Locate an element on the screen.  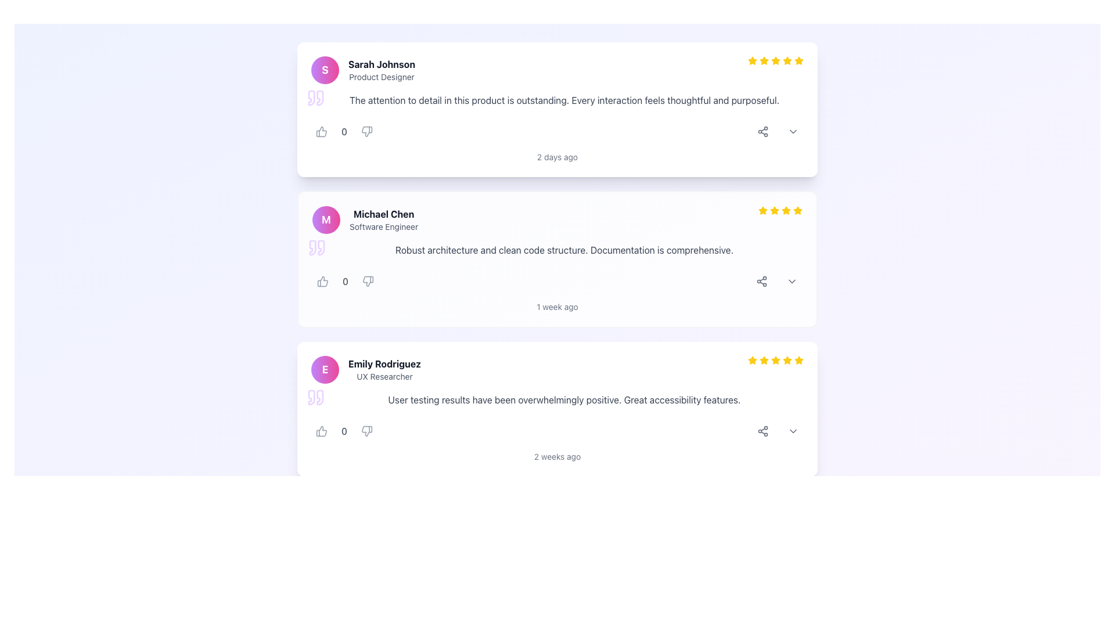
the thumbs-up icon to like the post associated with user 'Sarah Johnson' and her comment is located at coordinates (321, 131).